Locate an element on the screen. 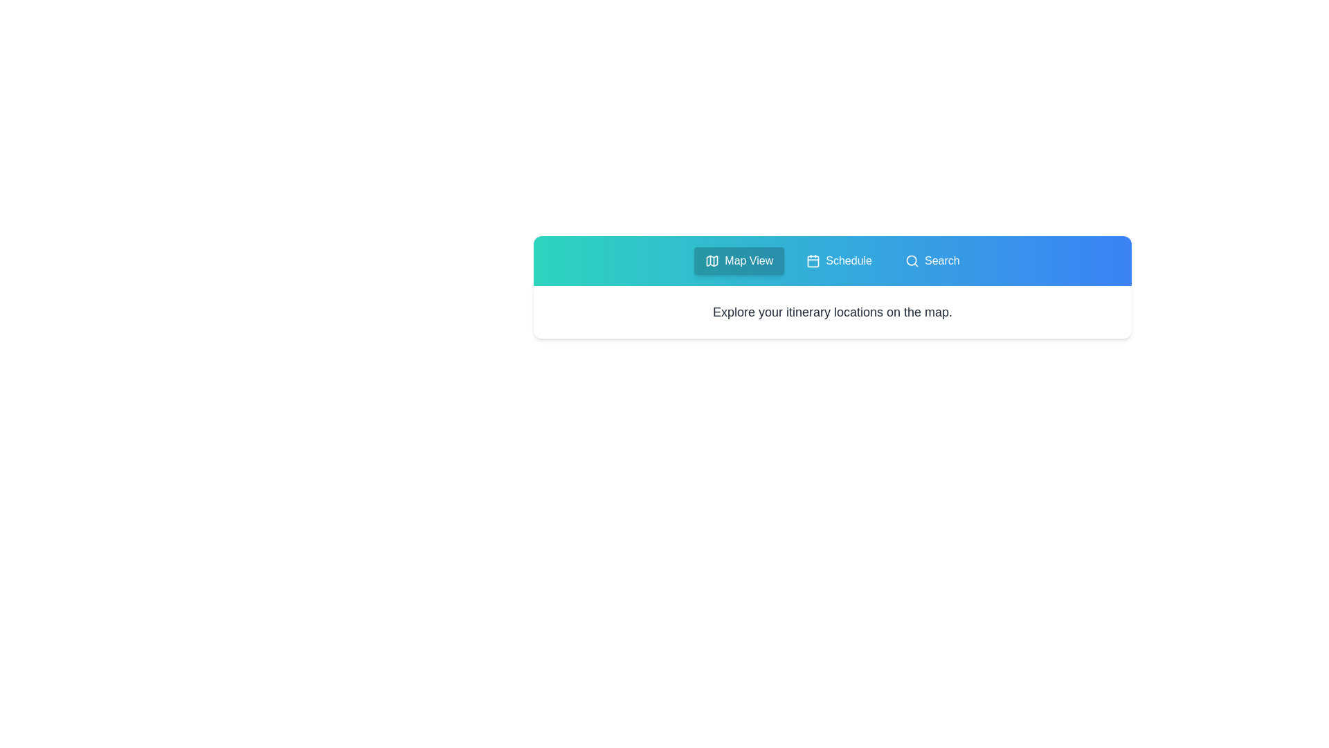  the 'Map View' button, which is the first button in the row with a black map icon and white text, to observe the scale change effect is located at coordinates (739, 261).